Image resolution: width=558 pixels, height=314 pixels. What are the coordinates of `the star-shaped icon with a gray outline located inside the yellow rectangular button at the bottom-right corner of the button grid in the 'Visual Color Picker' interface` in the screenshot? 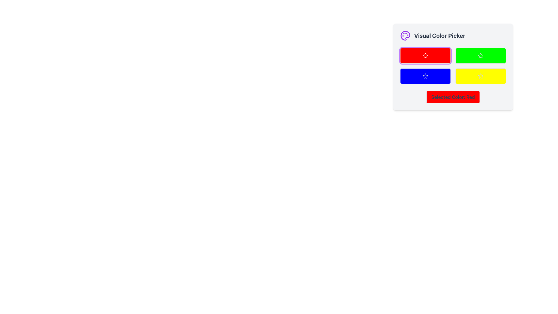 It's located at (481, 76).